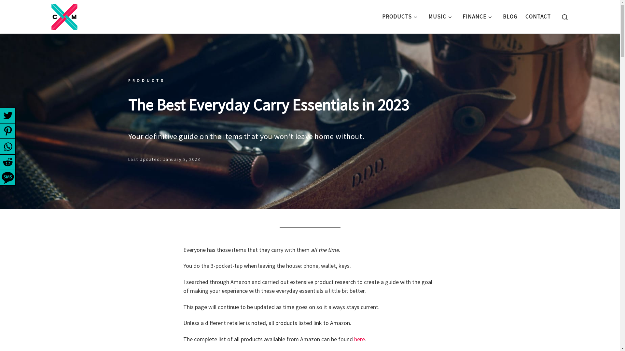 Image resolution: width=625 pixels, height=351 pixels. Describe the element at coordinates (359, 339) in the screenshot. I see `'here'` at that location.